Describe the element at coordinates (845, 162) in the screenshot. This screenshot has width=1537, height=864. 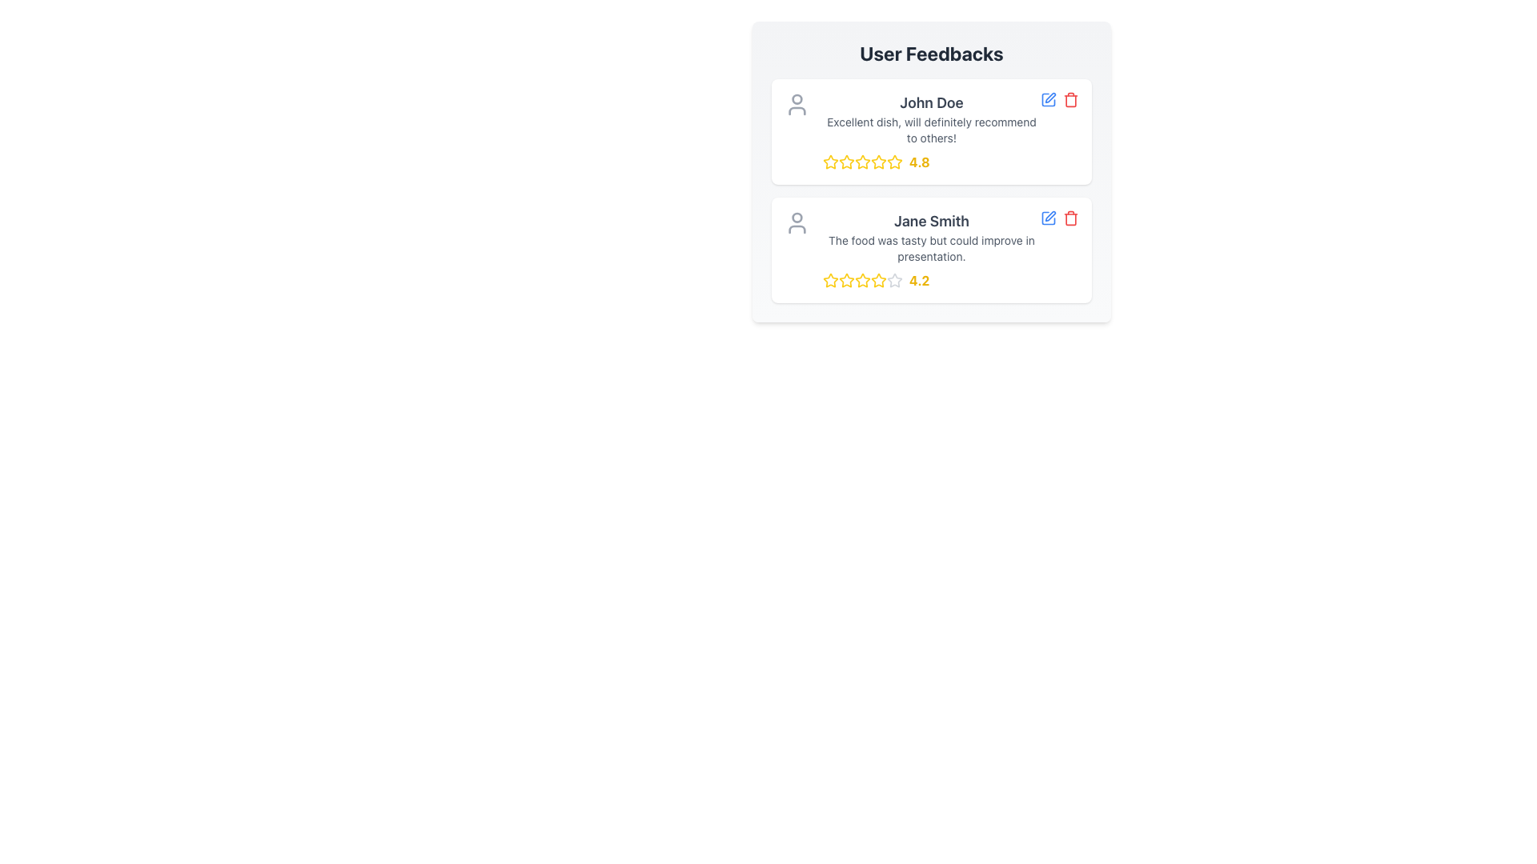
I see `the second star in the rating system within John Doe's feedback section` at that location.